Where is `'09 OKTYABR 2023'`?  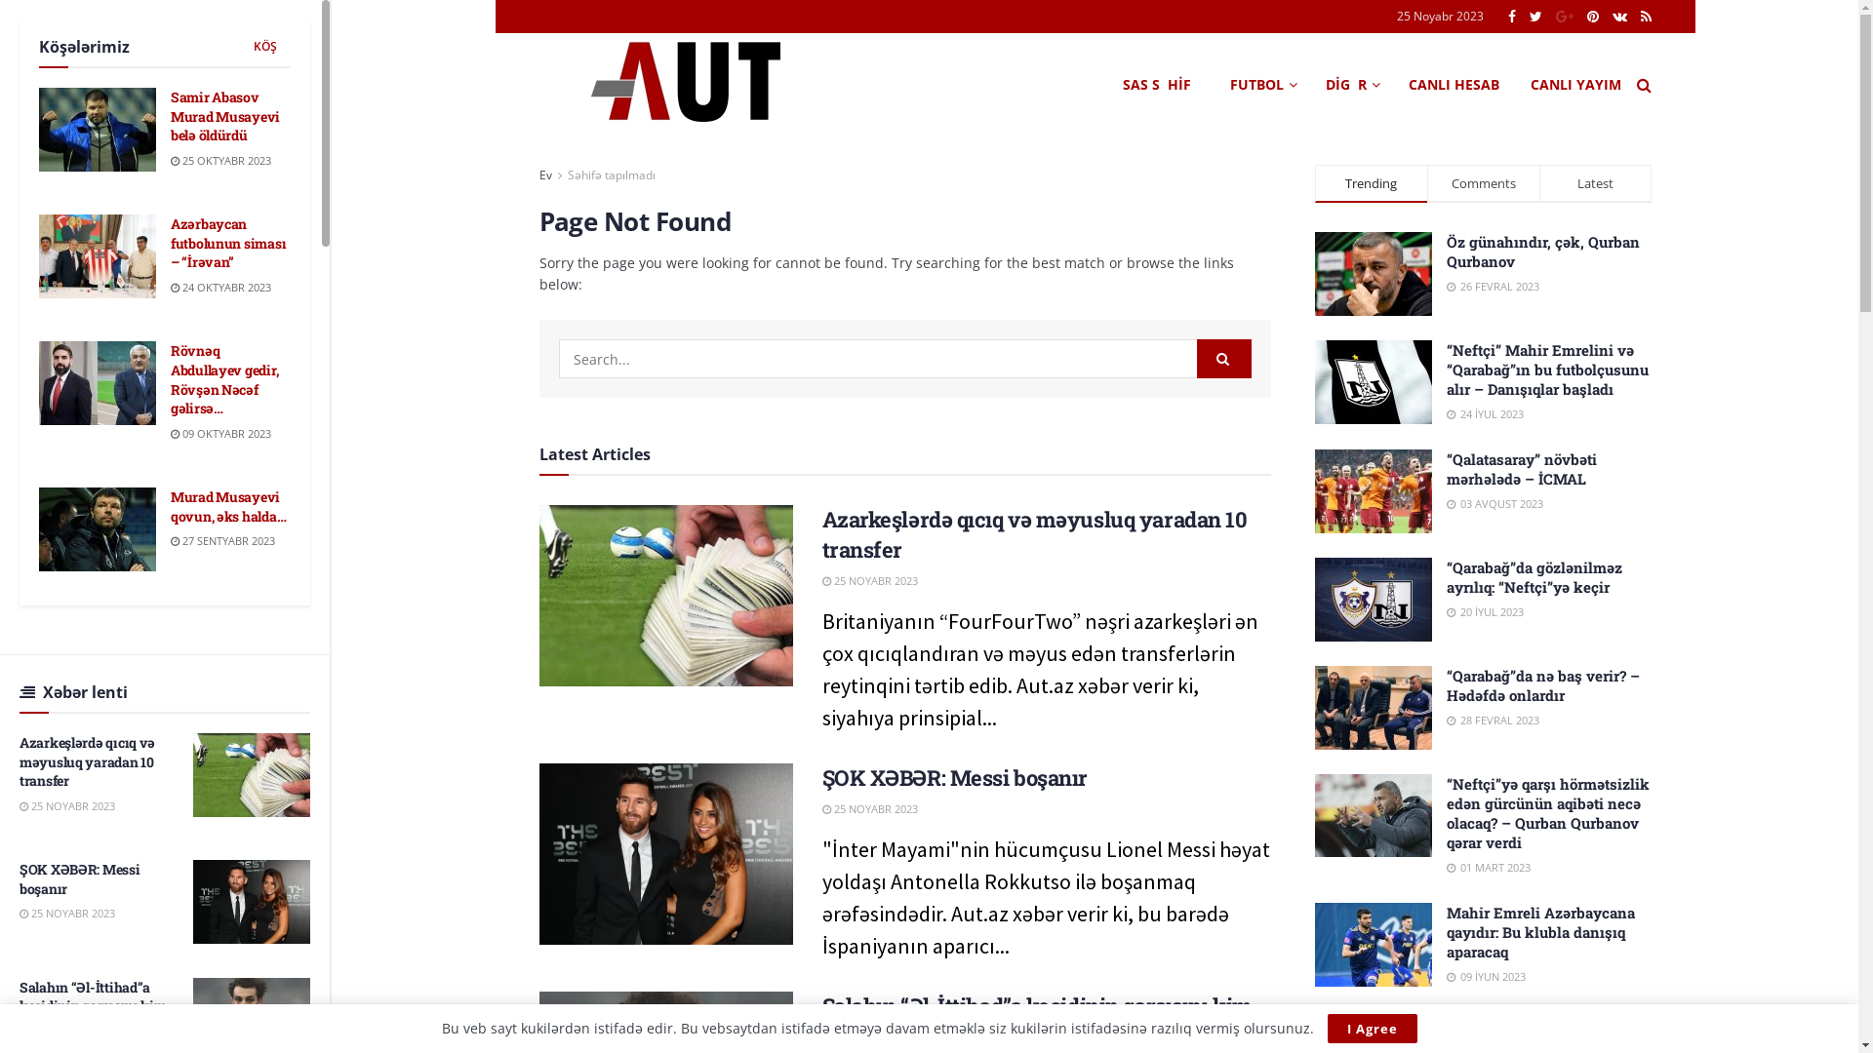
'09 OKTYABR 2023' is located at coordinates (220, 432).